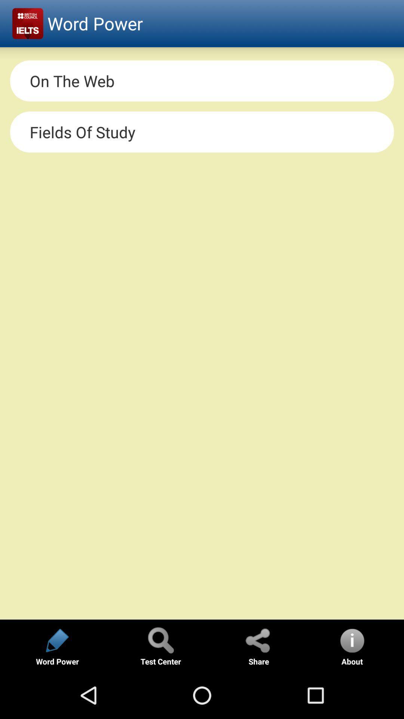 The width and height of the screenshot is (404, 719). What do you see at coordinates (160, 640) in the screenshot?
I see `link to test center` at bounding box center [160, 640].